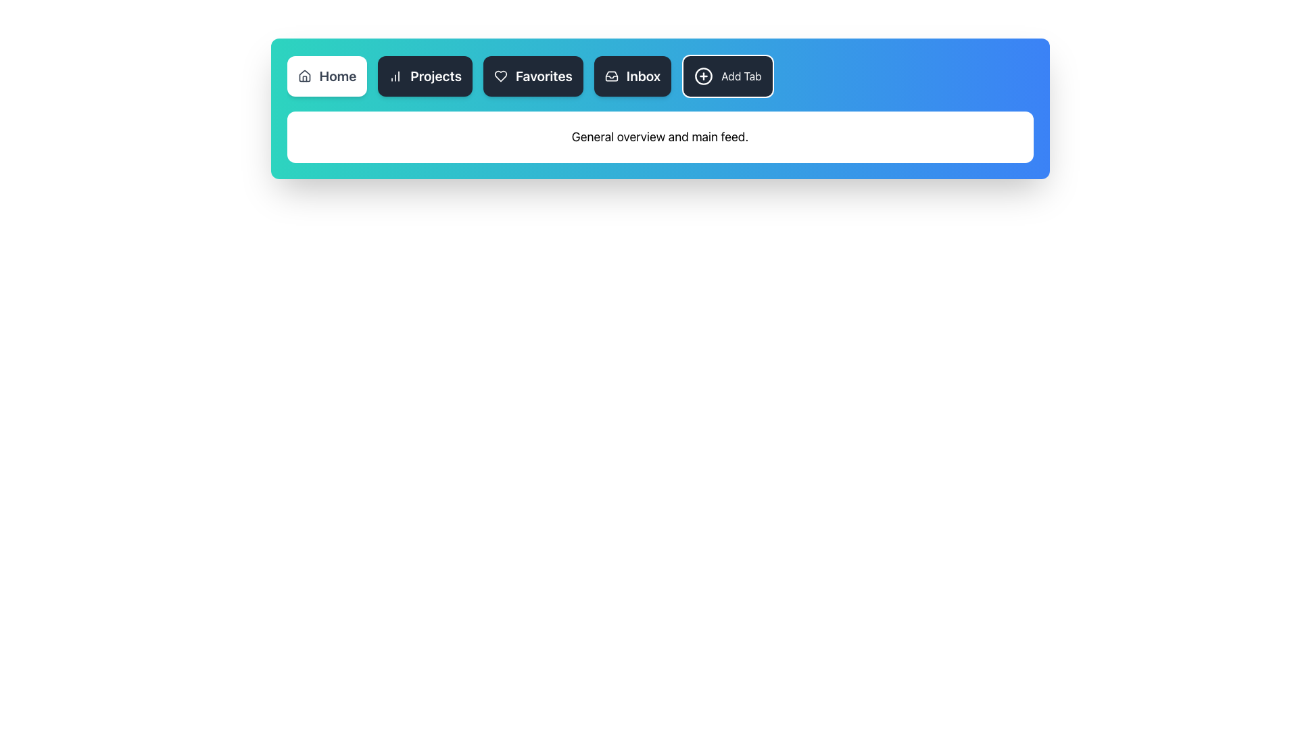 The height and width of the screenshot is (730, 1298). What do you see at coordinates (740, 76) in the screenshot?
I see `the 'Add Tab' text label within the button at the rightmost end of the horizontal navigation menu` at bounding box center [740, 76].